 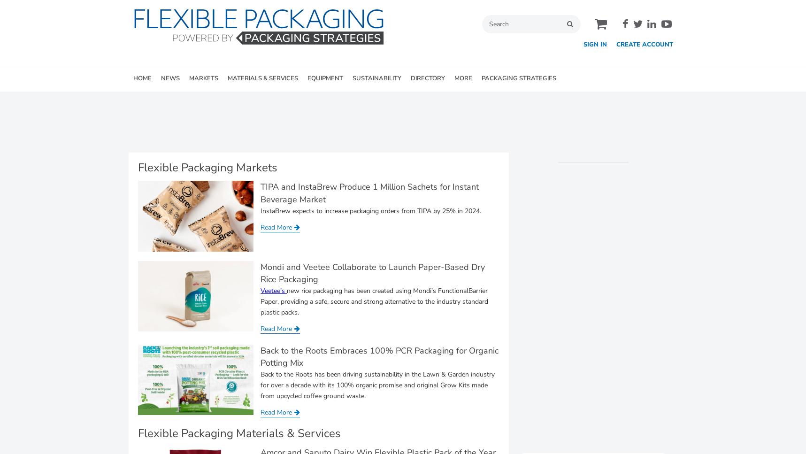 What do you see at coordinates (203, 78) in the screenshot?
I see `'MARKETS'` at bounding box center [203, 78].